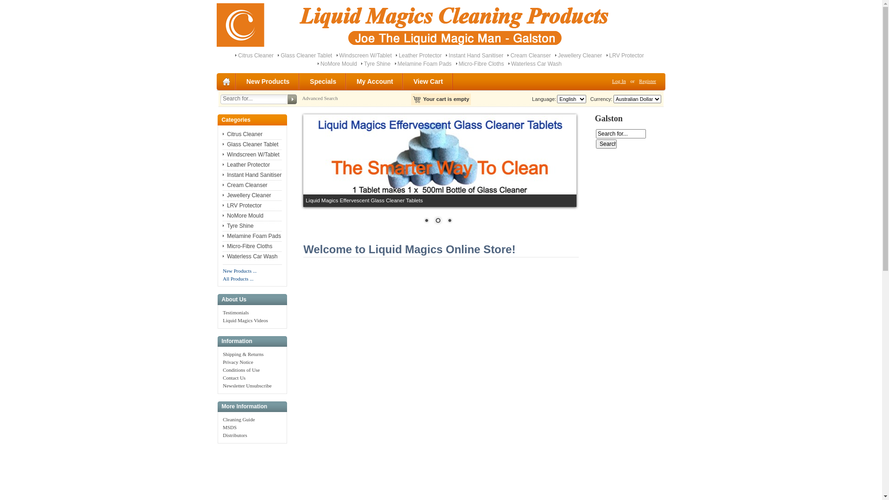 The image size is (889, 500). What do you see at coordinates (476, 55) in the screenshot?
I see `'Instant Hand Sanitiser'` at bounding box center [476, 55].